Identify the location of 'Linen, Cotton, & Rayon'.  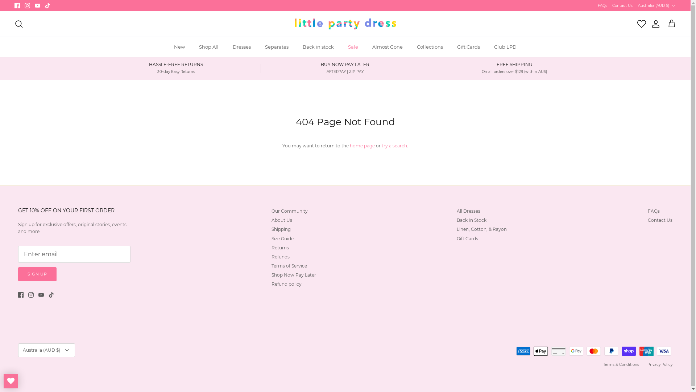
(482, 229).